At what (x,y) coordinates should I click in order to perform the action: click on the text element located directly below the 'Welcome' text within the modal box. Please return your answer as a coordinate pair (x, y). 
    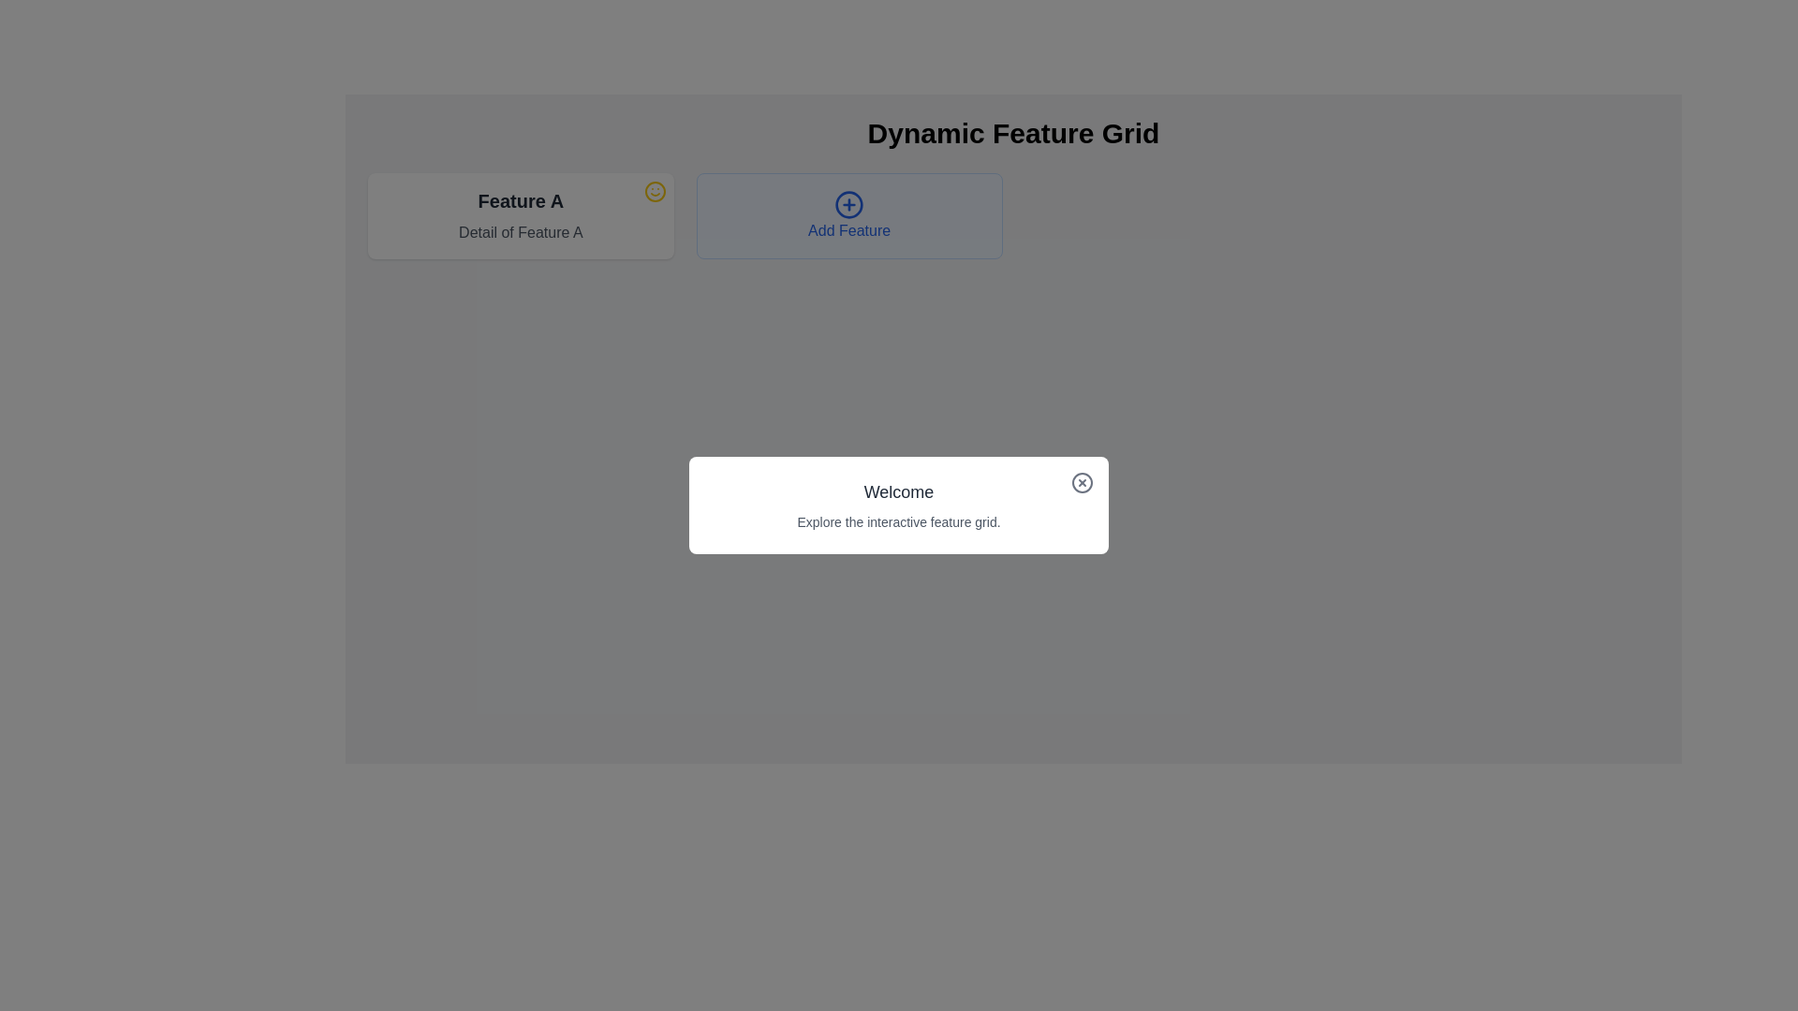
    Looking at the image, I should click on (899, 522).